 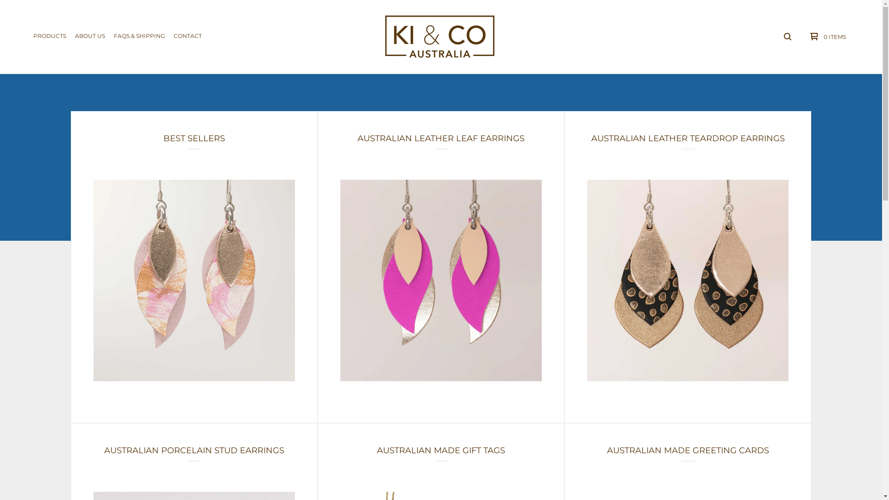 What do you see at coordinates (688, 267) in the screenshot?
I see `'AUSTRALIAN LEATHER TEARDROP EARRINGS'` at bounding box center [688, 267].